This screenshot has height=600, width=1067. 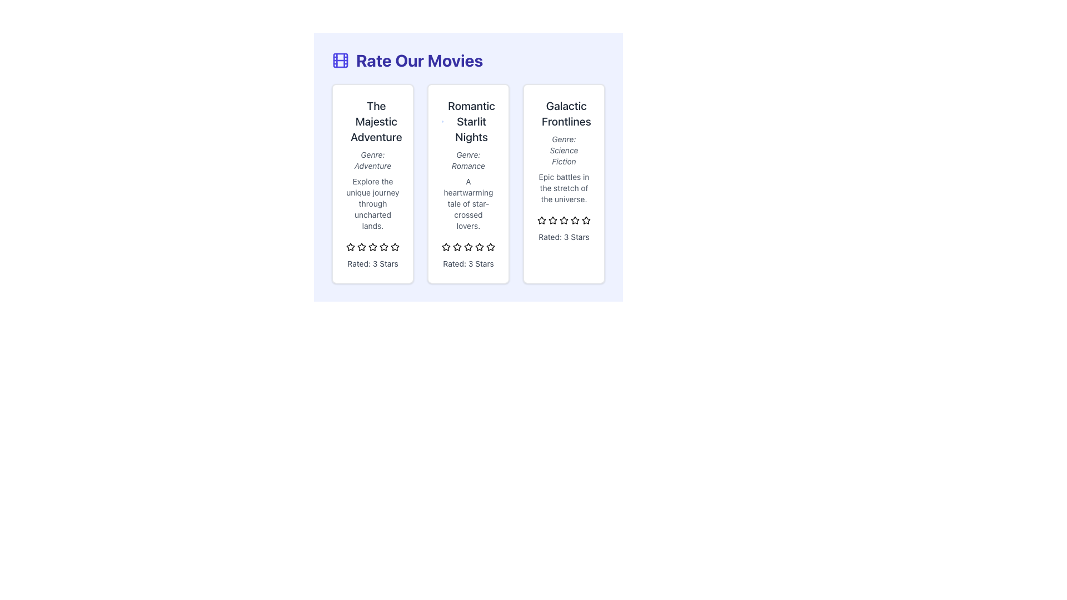 What do you see at coordinates (361, 246) in the screenshot?
I see `the second star in the group of five yellow outlined rating stars beneath 'The Majestic Adventure' movie card to change the rating` at bounding box center [361, 246].